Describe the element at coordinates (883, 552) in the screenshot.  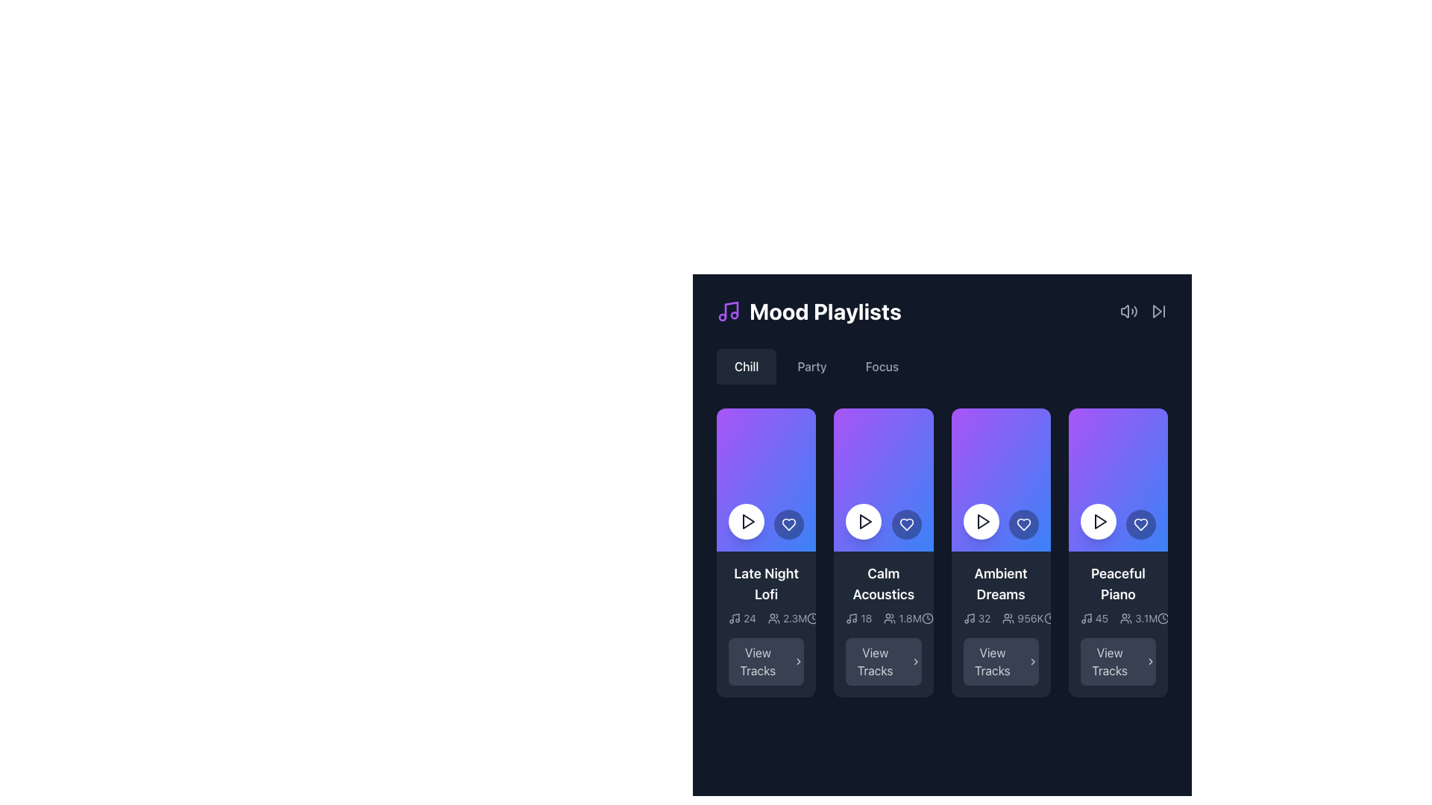
I see `the 'Calm Acoustics' playlist card in the grid layout to provide visual feedback on interactive items` at that location.